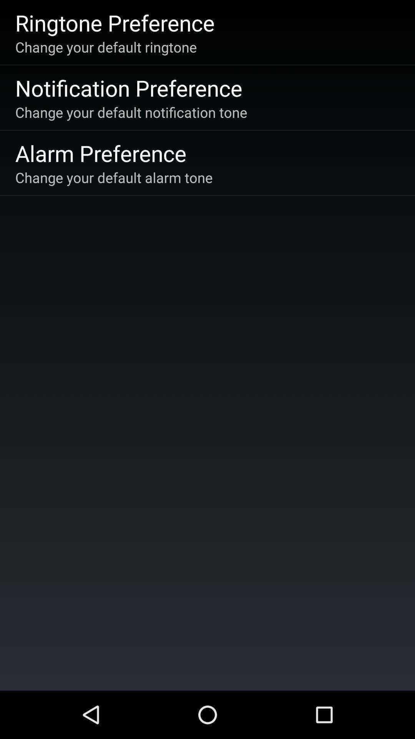 This screenshot has width=415, height=739. Describe the element at coordinates (128, 88) in the screenshot. I see `app above change your default app` at that location.